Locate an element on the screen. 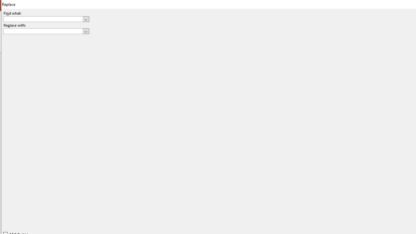 The height and width of the screenshot is (234, 416). 'Find what' is located at coordinates (46, 19).